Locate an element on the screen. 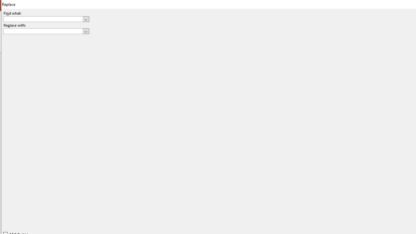 The height and width of the screenshot is (234, 416). 'Find what' is located at coordinates (46, 19).